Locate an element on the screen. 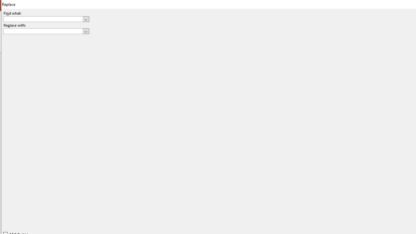 The height and width of the screenshot is (234, 416). 'Find what' is located at coordinates (46, 19).